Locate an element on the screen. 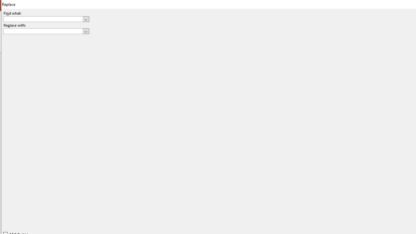 The height and width of the screenshot is (234, 416). 'Find what' is located at coordinates (46, 19).